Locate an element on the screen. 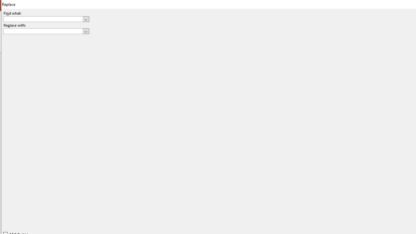 The height and width of the screenshot is (234, 416). 'Find what' is located at coordinates (46, 19).